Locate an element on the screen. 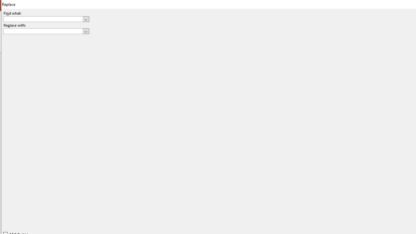 The height and width of the screenshot is (234, 416). 'Find what' is located at coordinates (46, 19).